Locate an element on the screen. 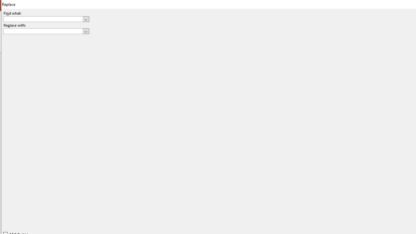 The height and width of the screenshot is (234, 416). 'Find what' is located at coordinates (46, 19).